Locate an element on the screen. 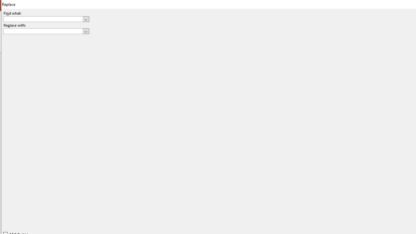 The height and width of the screenshot is (234, 416). 'Find what' is located at coordinates (46, 19).